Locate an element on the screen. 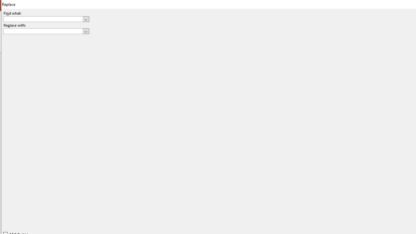 The height and width of the screenshot is (234, 416). 'Find what' is located at coordinates (46, 19).